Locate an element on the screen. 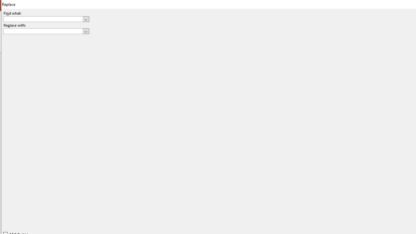 The height and width of the screenshot is (234, 416). 'Find what' is located at coordinates (46, 19).